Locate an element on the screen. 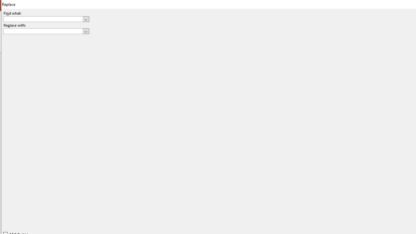 The height and width of the screenshot is (234, 416). 'Find what' is located at coordinates (46, 19).